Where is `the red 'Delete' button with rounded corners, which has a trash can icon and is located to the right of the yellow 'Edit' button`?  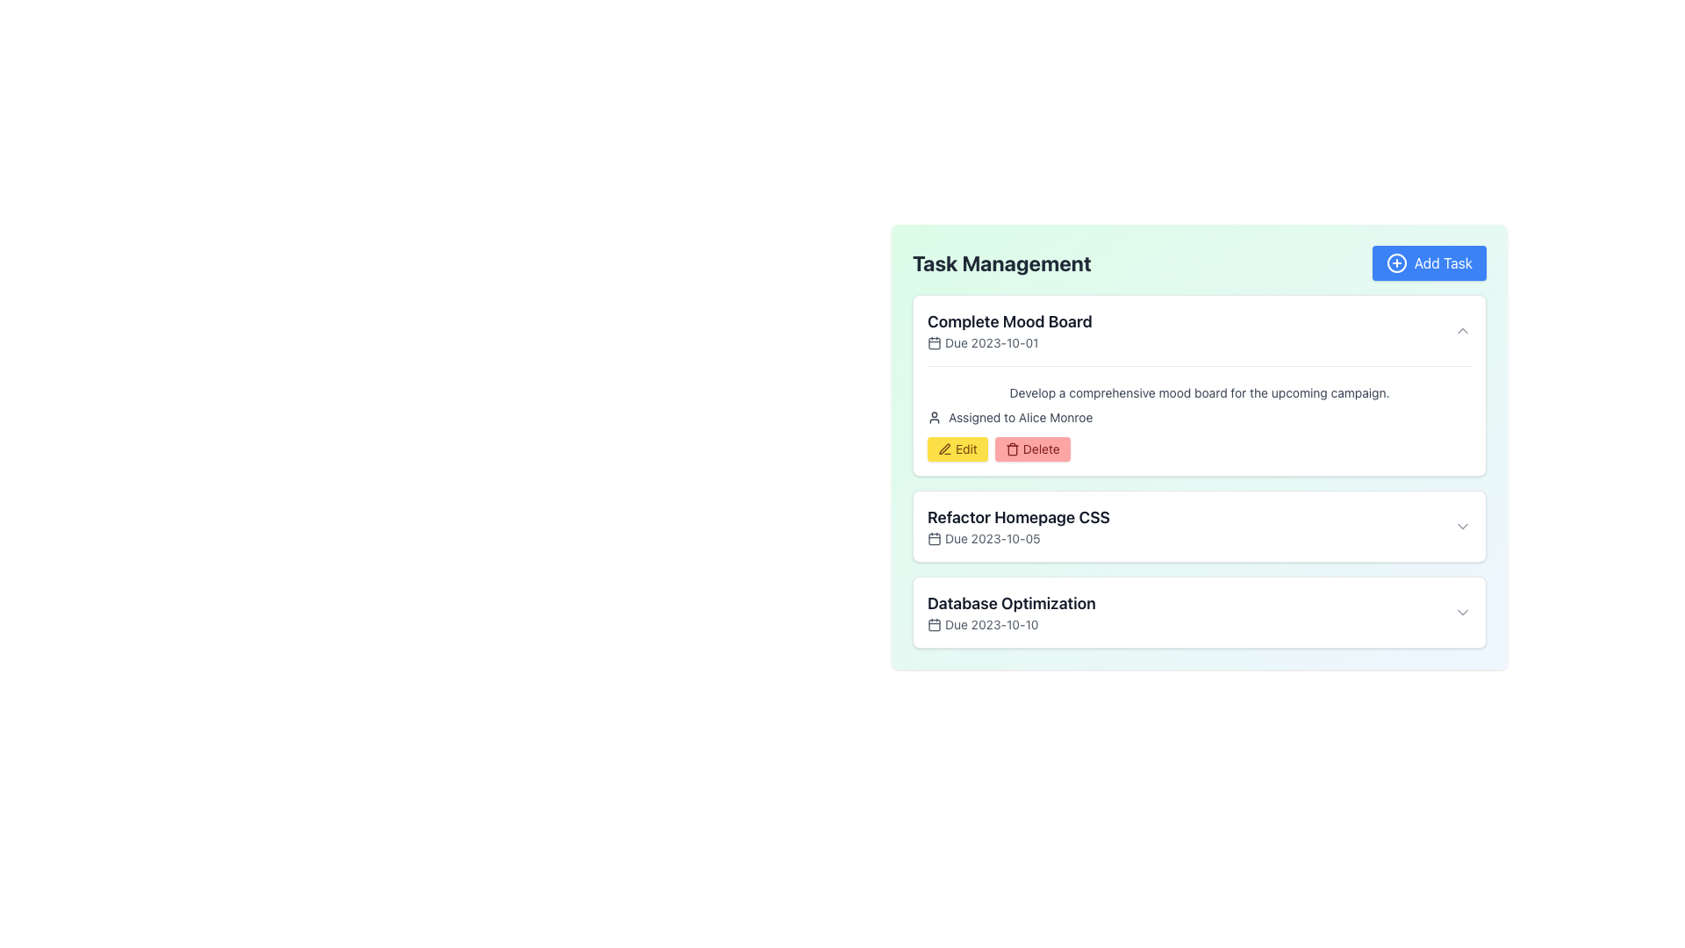
the red 'Delete' button with rounded corners, which has a trash can icon and is located to the right of the yellow 'Edit' button is located at coordinates (1032, 449).